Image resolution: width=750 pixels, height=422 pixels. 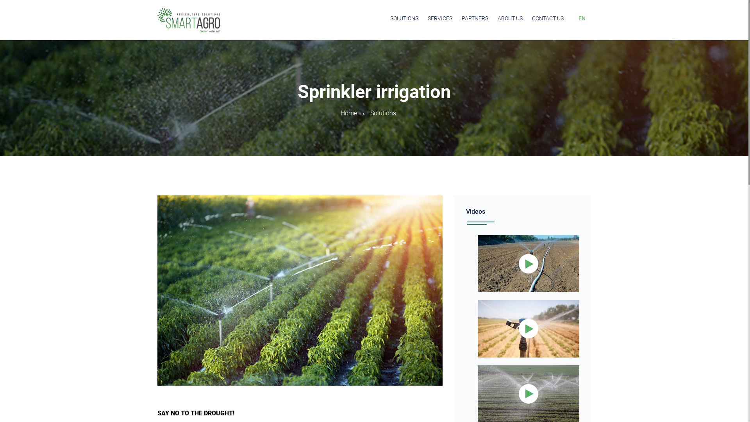 What do you see at coordinates (348, 113) in the screenshot?
I see `'Home'` at bounding box center [348, 113].